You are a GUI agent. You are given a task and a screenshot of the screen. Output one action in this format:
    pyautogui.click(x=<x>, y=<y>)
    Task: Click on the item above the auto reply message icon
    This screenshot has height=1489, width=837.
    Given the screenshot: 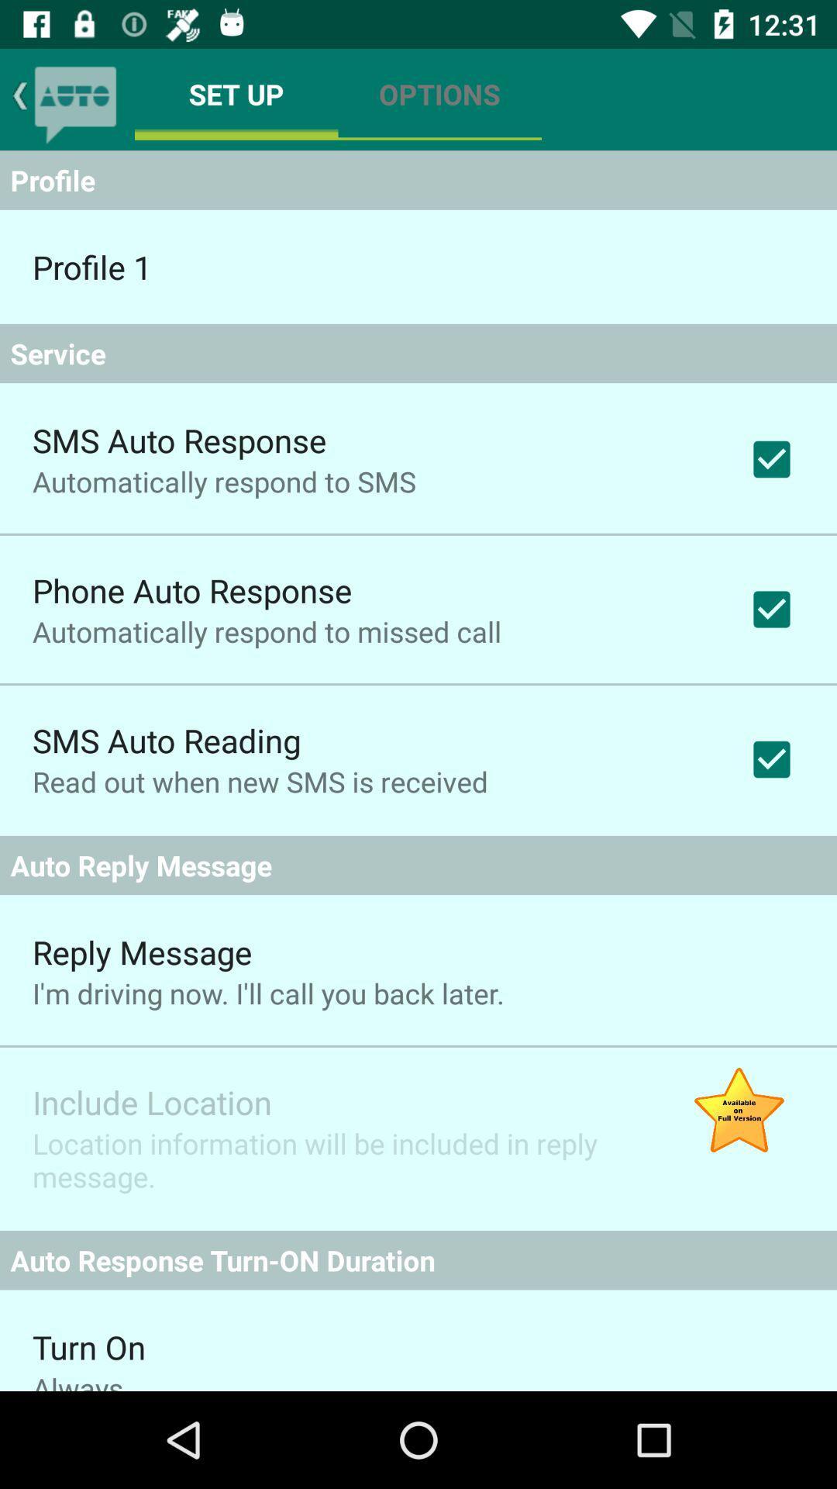 What is the action you would take?
    pyautogui.click(x=259, y=782)
    